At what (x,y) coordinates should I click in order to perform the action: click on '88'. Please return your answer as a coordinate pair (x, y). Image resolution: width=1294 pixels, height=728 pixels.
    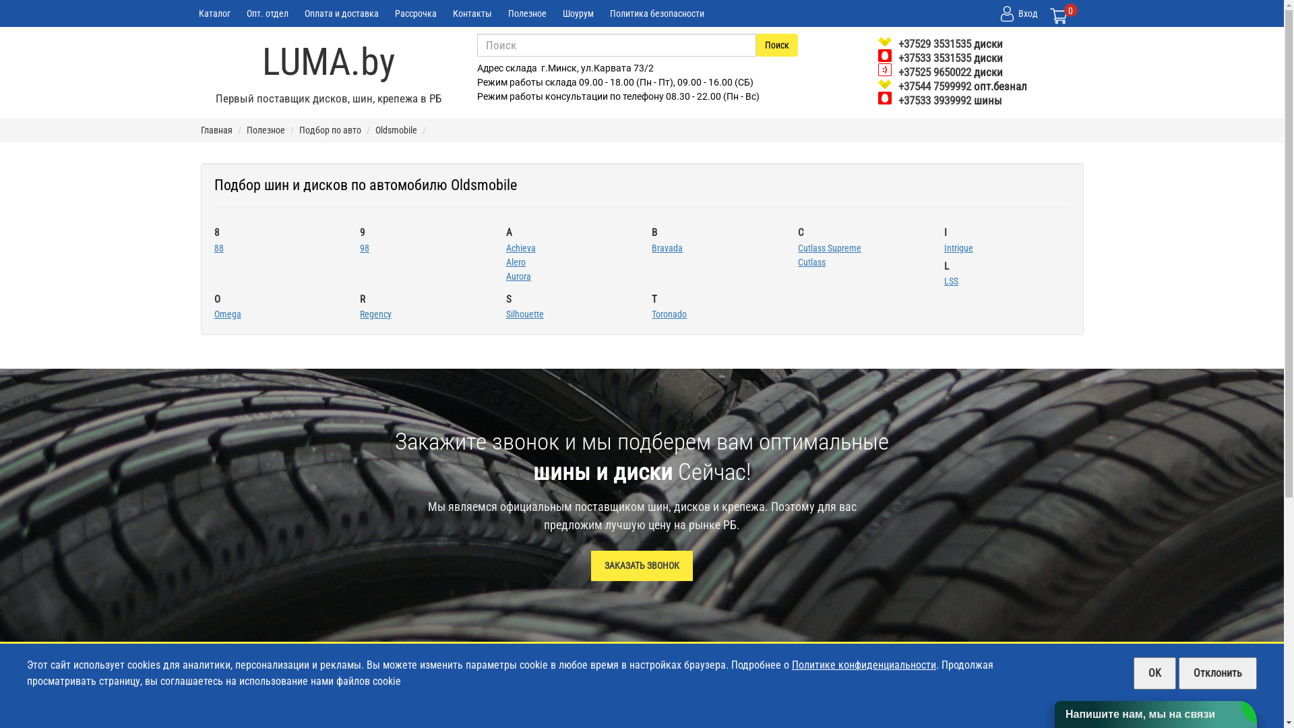
    Looking at the image, I should click on (219, 247).